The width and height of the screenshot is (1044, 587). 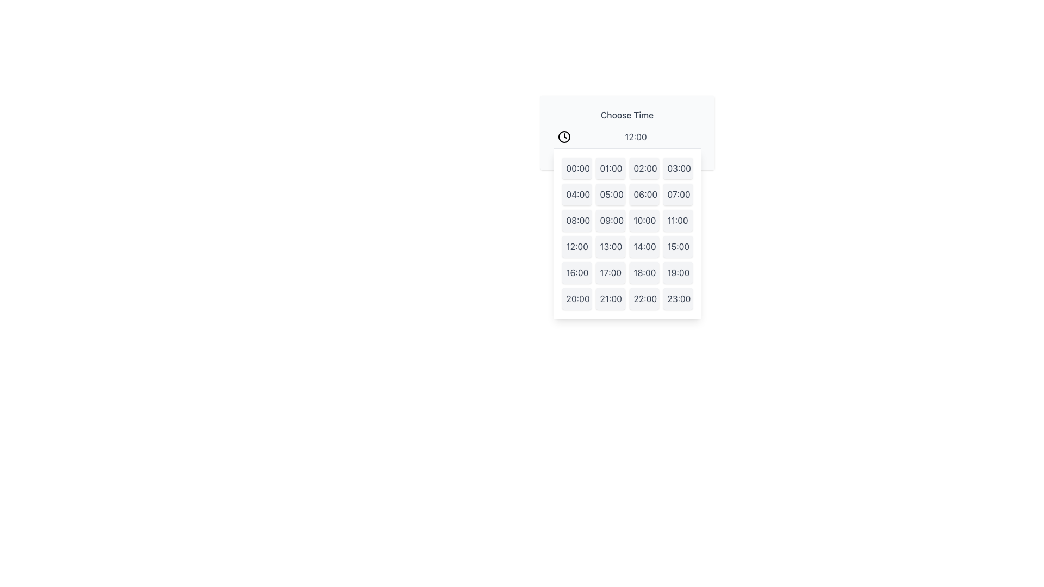 I want to click on the outer circular boundary of the clock icon located to the left of the 'Choose Time' header text, so click(x=564, y=136).